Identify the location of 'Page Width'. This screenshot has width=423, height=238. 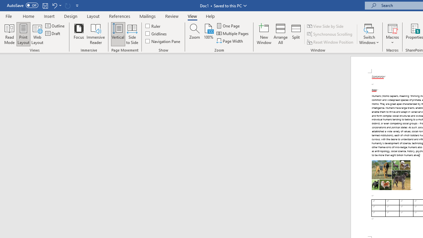
(230, 41).